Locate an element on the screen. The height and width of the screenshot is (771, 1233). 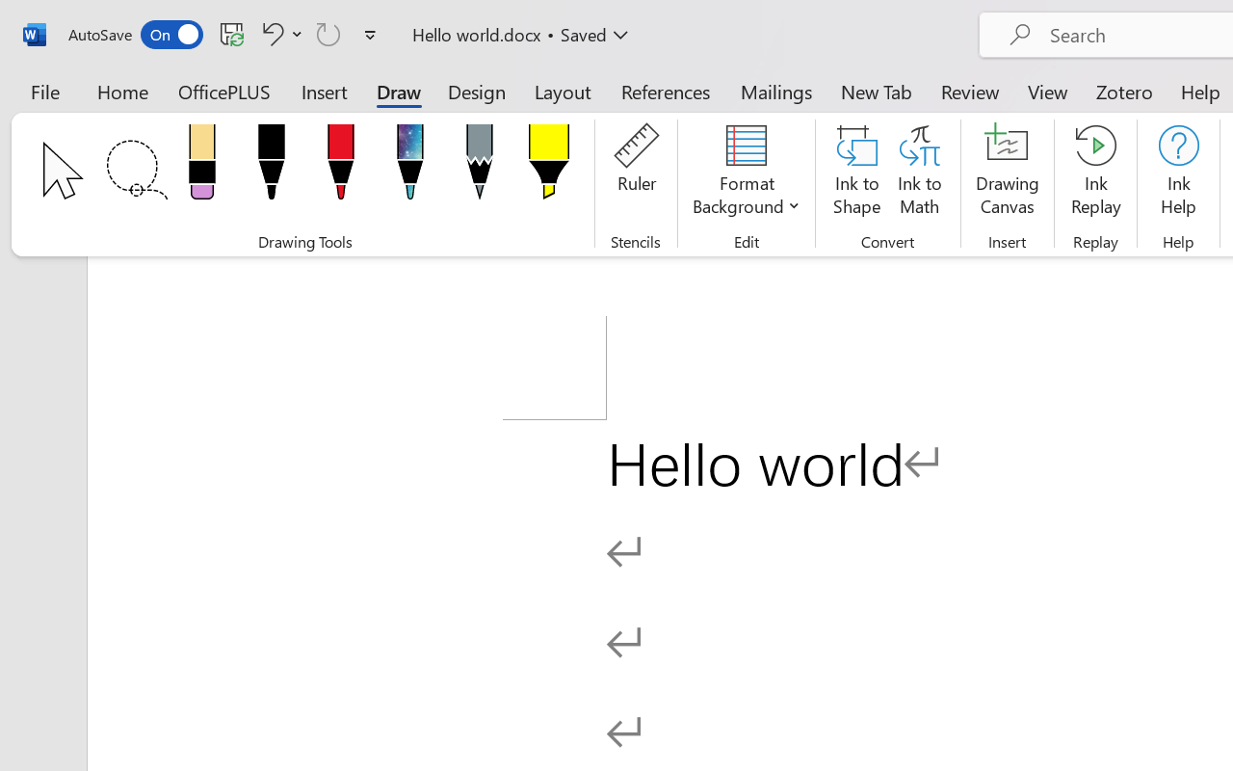
'Pen: Red, 0.5 mm' is located at coordinates (340, 167).